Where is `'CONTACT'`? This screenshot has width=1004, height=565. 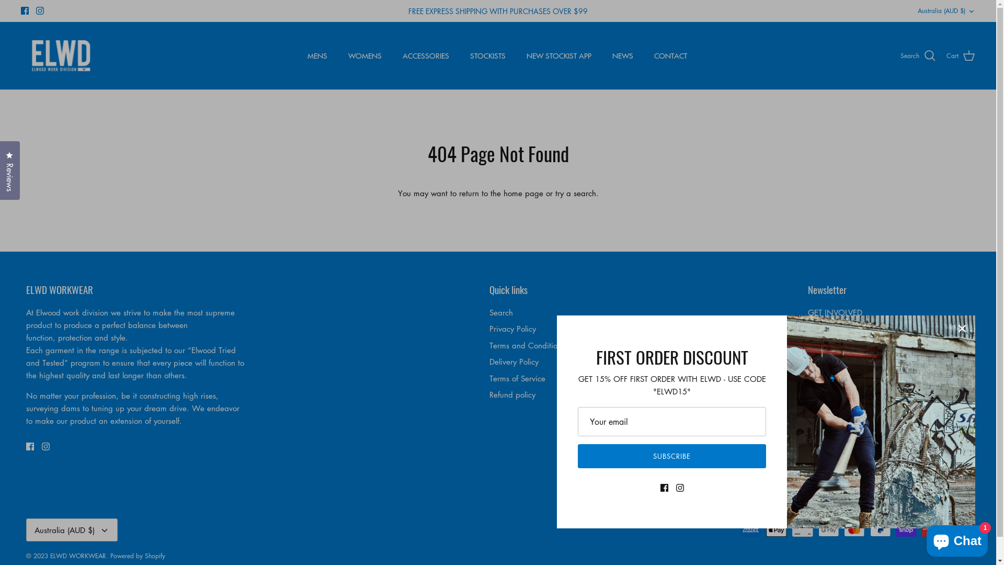
'CONTACT' is located at coordinates (644, 55).